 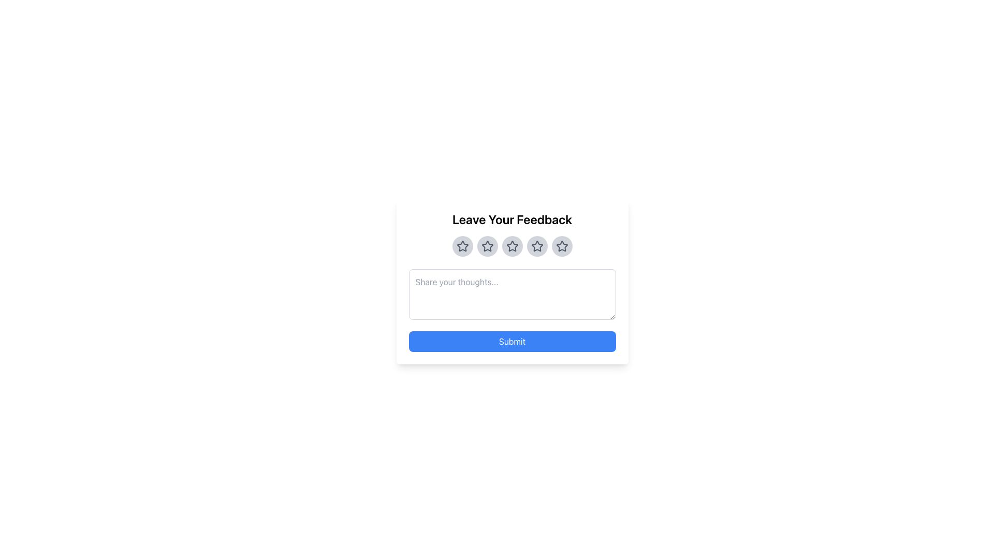 What do you see at coordinates (537, 246) in the screenshot?
I see `the fourth star button` at bounding box center [537, 246].